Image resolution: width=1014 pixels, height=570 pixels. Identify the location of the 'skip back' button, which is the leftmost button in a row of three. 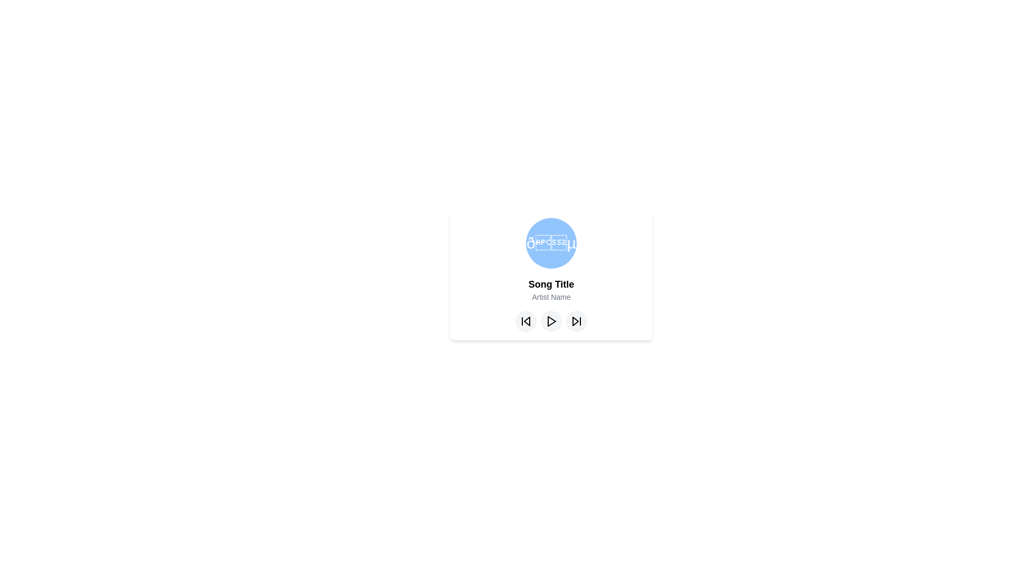
(526, 321).